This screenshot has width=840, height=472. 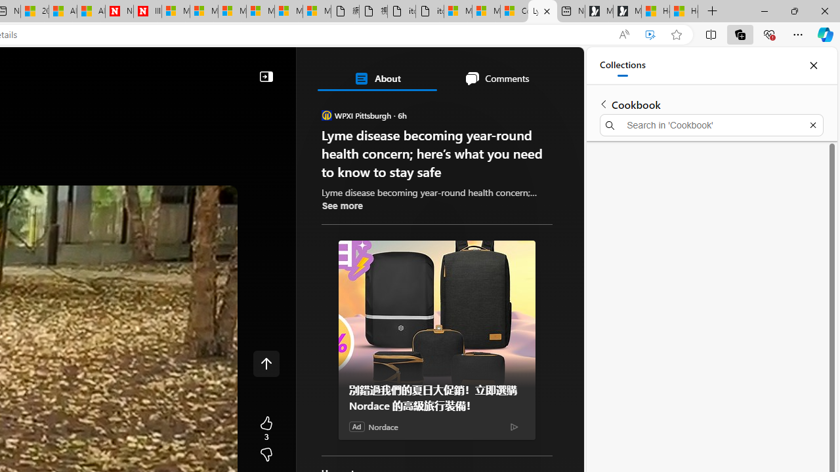 What do you see at coordinates (35, 11) in the screenshot?
I see `'20 Ways to Boost Your Protein Intake at Every Meal'` at bounding box center [35, 11].